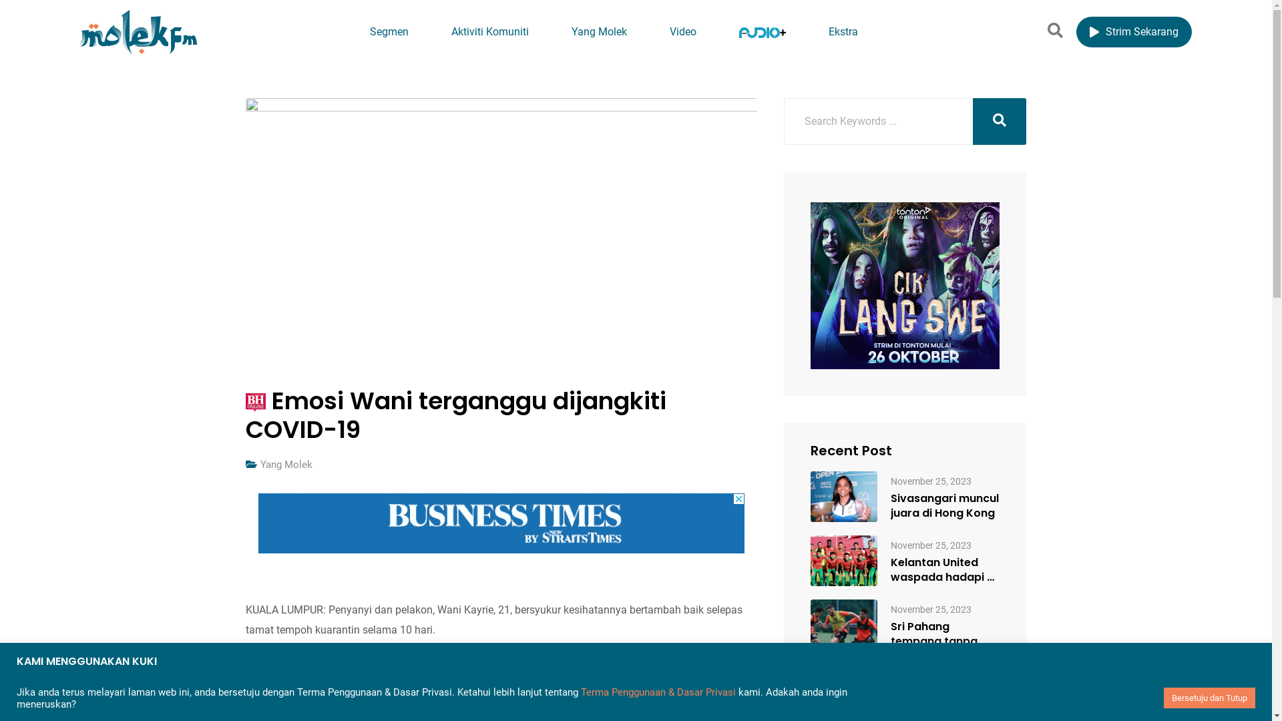 This screenshot has width=1282, height=721. I want to click on 'Terma Penggunaan & Dasar Privasi', so click(580, 692).